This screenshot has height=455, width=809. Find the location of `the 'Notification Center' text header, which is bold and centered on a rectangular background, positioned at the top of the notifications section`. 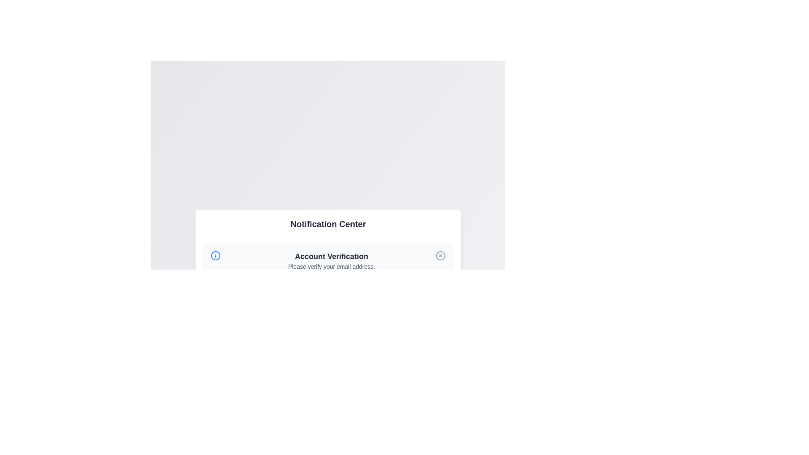

the 'Notification Center' text header, which is bold and centered on a rectangular background, positioned at the top of the notifications section is located at coordinates (327, 227).